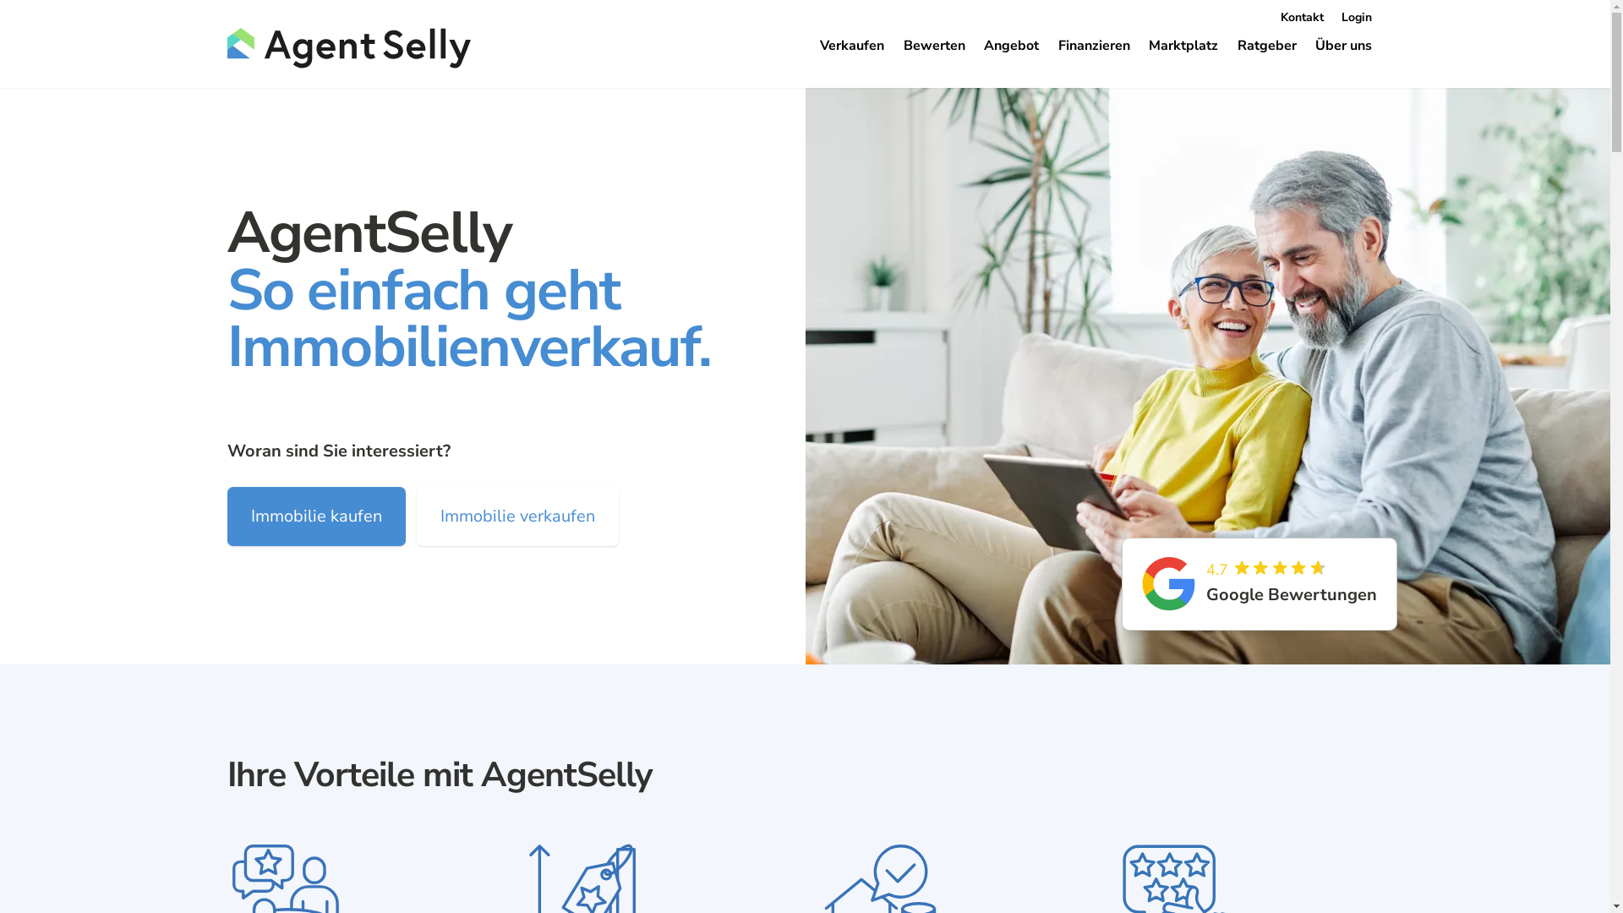  I want to click on 'Angebot', so click(1011, 45).